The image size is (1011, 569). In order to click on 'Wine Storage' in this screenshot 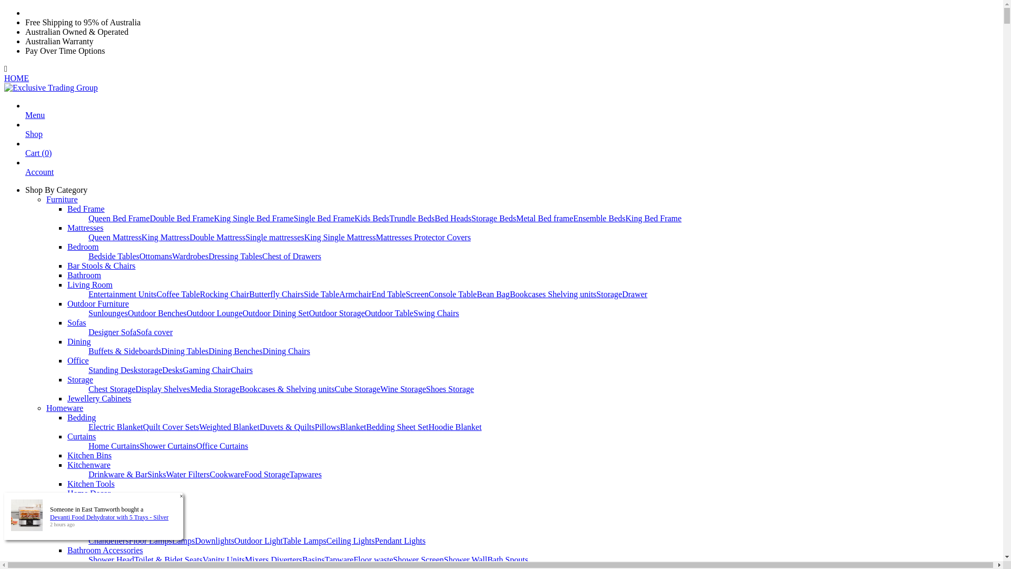, I will do `click(402, 389)`.